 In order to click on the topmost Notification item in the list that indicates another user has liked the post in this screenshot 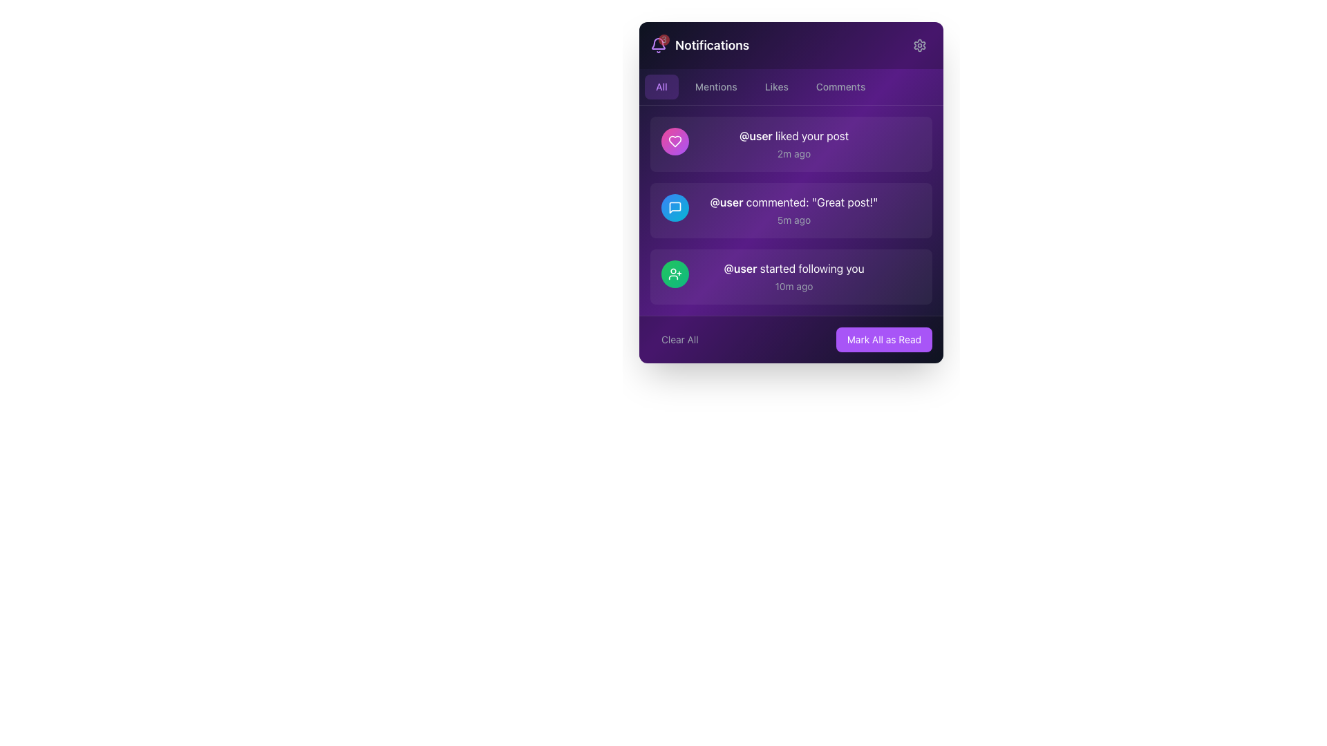, I will do `click(791, 144)`.